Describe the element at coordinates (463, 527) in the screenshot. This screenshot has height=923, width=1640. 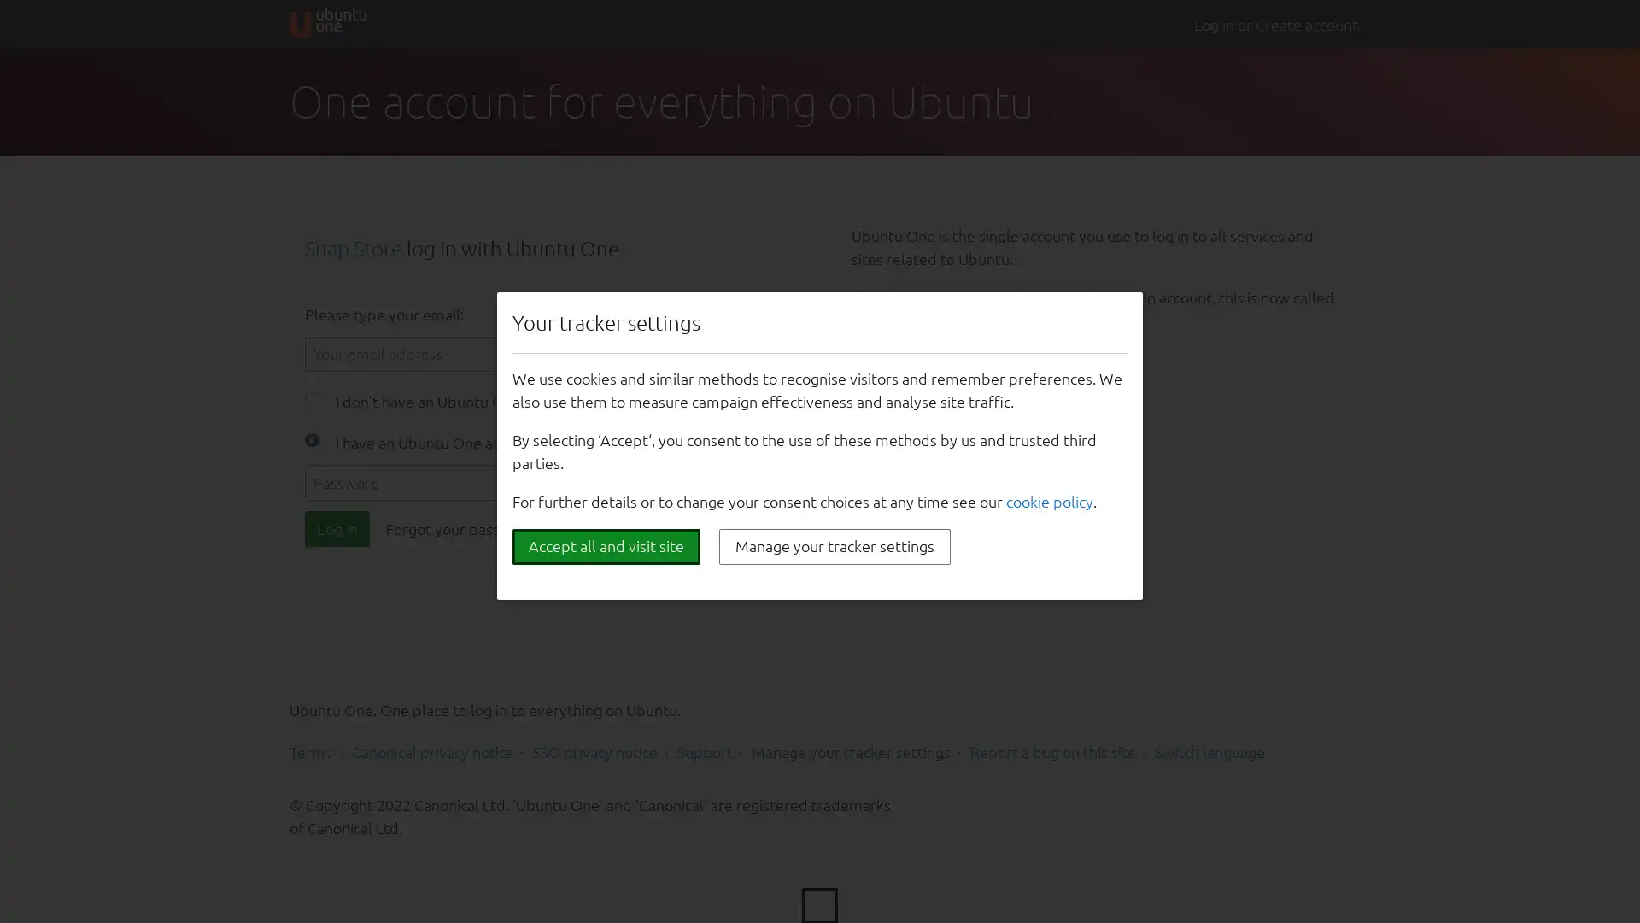
I see `Forgot your password?` at that location.